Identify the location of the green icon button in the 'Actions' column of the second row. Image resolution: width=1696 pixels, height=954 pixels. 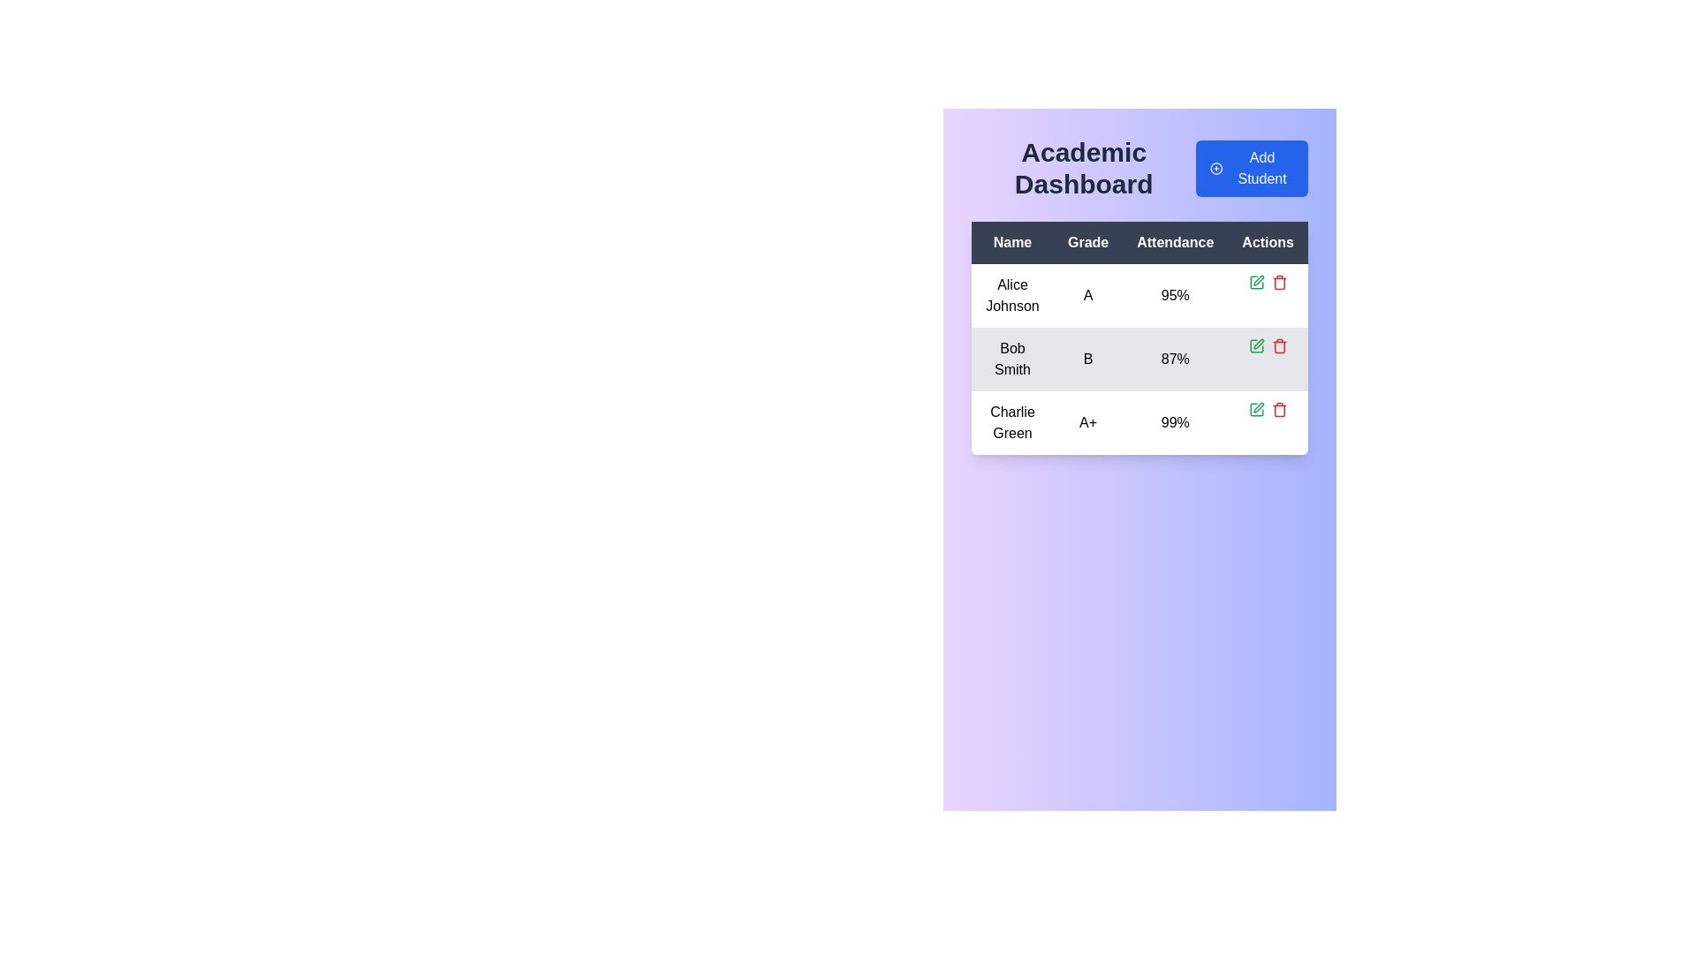
(1255, 282).